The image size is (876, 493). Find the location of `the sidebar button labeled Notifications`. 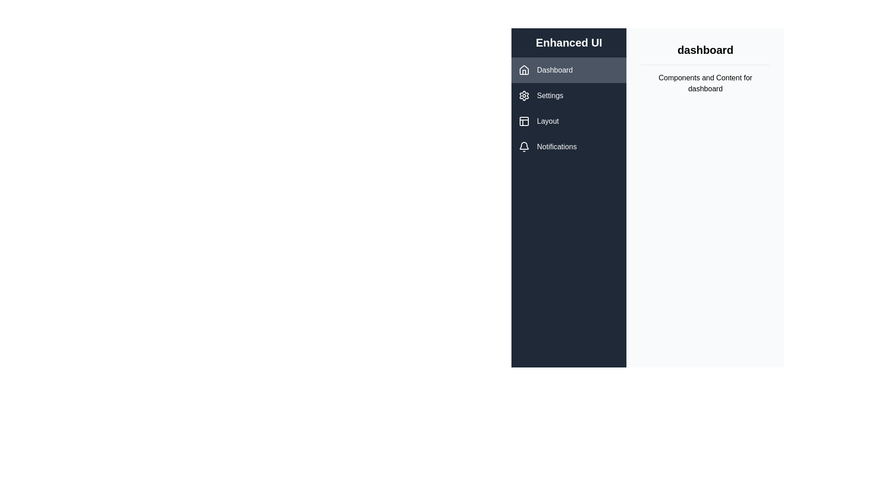

the sidebar button labeled Notifications is located at coordinates (568, 146).